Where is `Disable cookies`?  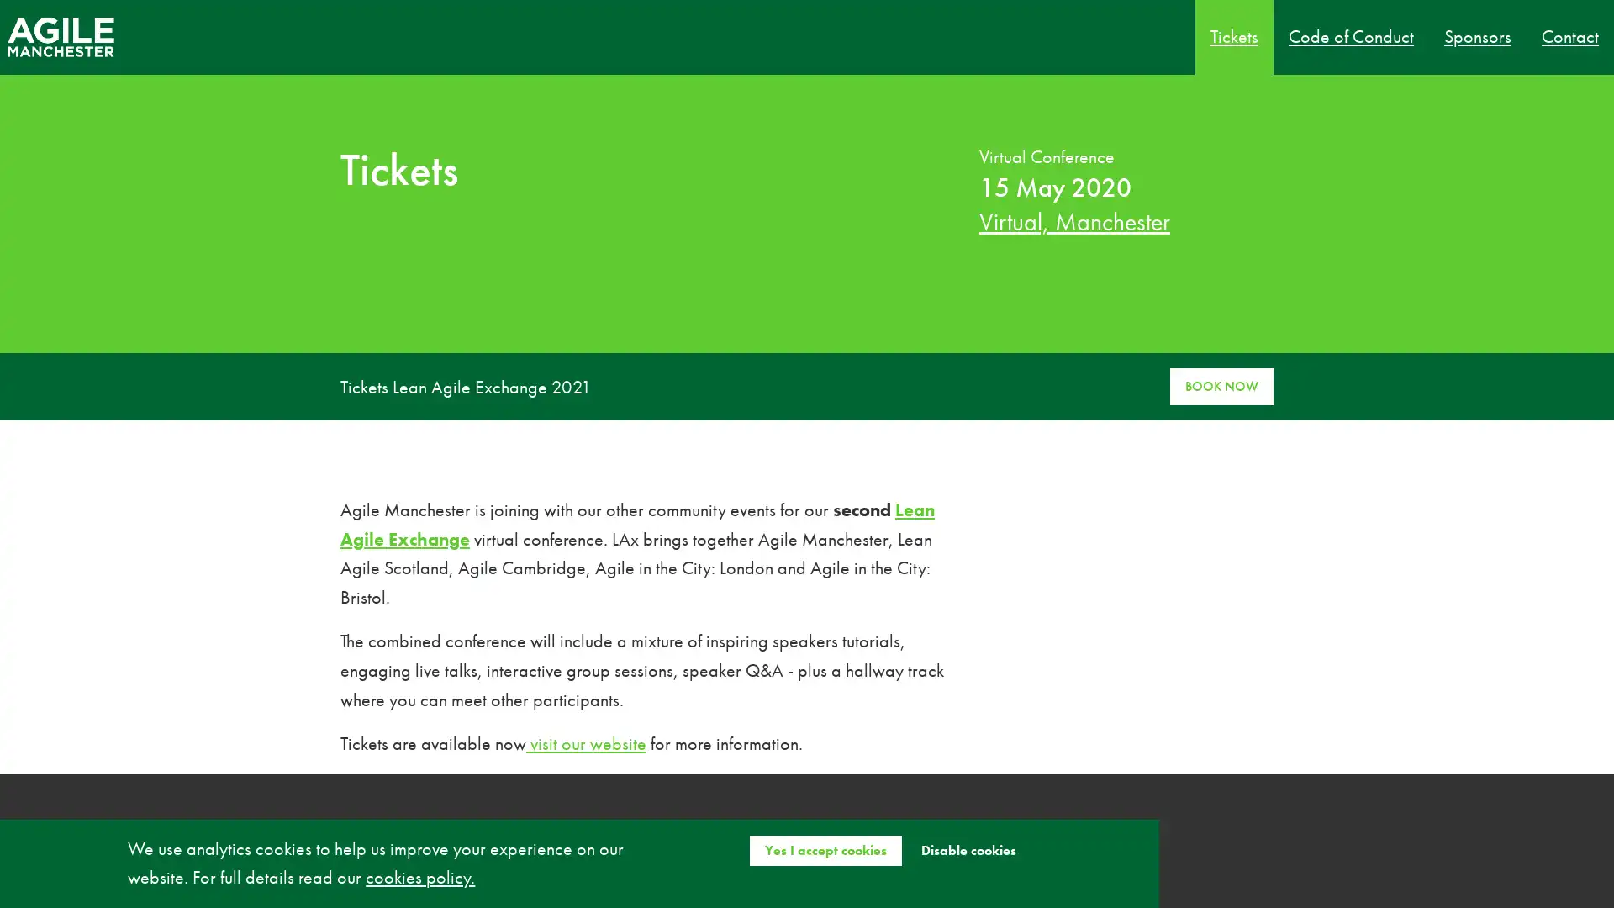 Disable cookies is located at coordinates (968, 849).